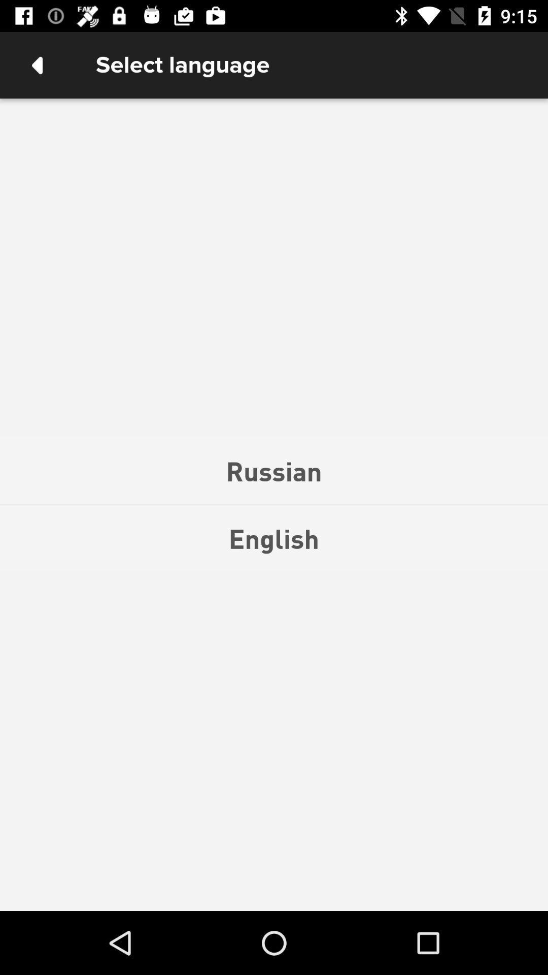 This screenshot has height=975, width=548. Describe the element at coordinates (37, 64) in the screenshot. I see `icon to the left of the select language` at that location.